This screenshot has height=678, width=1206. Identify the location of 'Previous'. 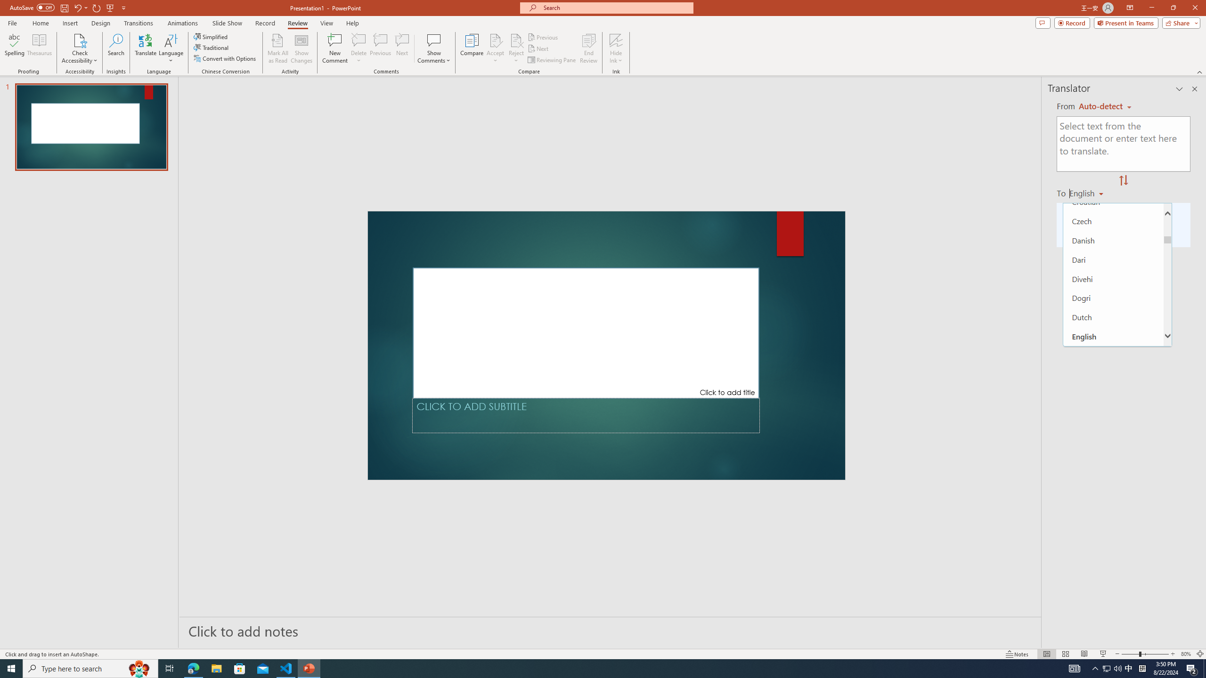
(543, 37).